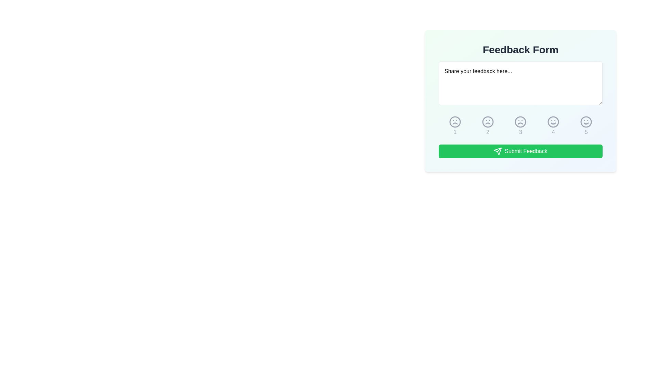 This screenshot has height=369, width=657. What do you see at coordinates (586, 132) in the screenshot?
I see `text label indicating the '5' rating option, located in the bottom-right corner of the 'Feedback Form' section, which represents the maximum score in the feedback scale` at bounding box center [586, 132].